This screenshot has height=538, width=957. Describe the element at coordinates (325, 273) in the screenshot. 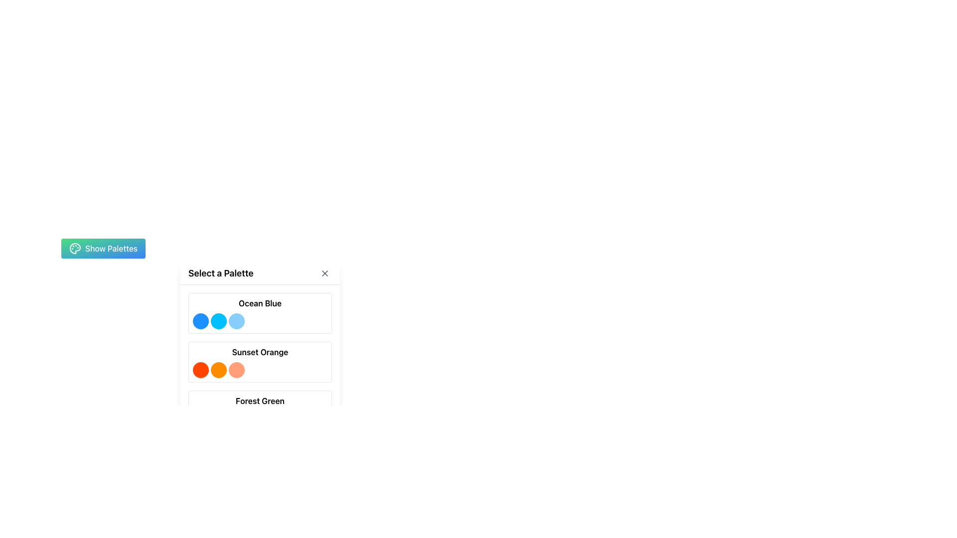

I see `the close button (icon button with an 'X' symbol) located at the top-right corner of the 'Select a Palette' section to trigger the hover effect` at that location.